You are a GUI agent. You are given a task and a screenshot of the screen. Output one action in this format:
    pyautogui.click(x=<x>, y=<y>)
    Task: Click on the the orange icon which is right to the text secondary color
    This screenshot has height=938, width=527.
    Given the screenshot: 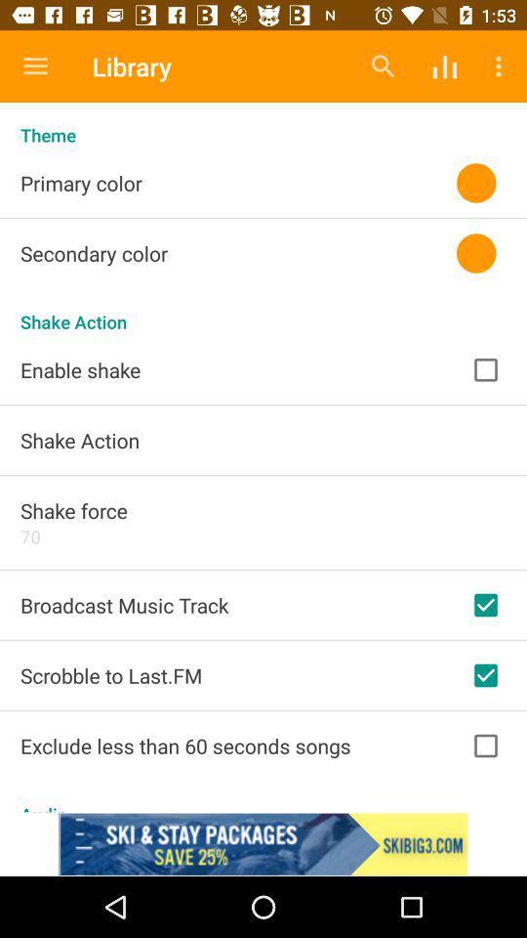 What is the action you would take?
    pyautogui.click(x=475, y=252)
    